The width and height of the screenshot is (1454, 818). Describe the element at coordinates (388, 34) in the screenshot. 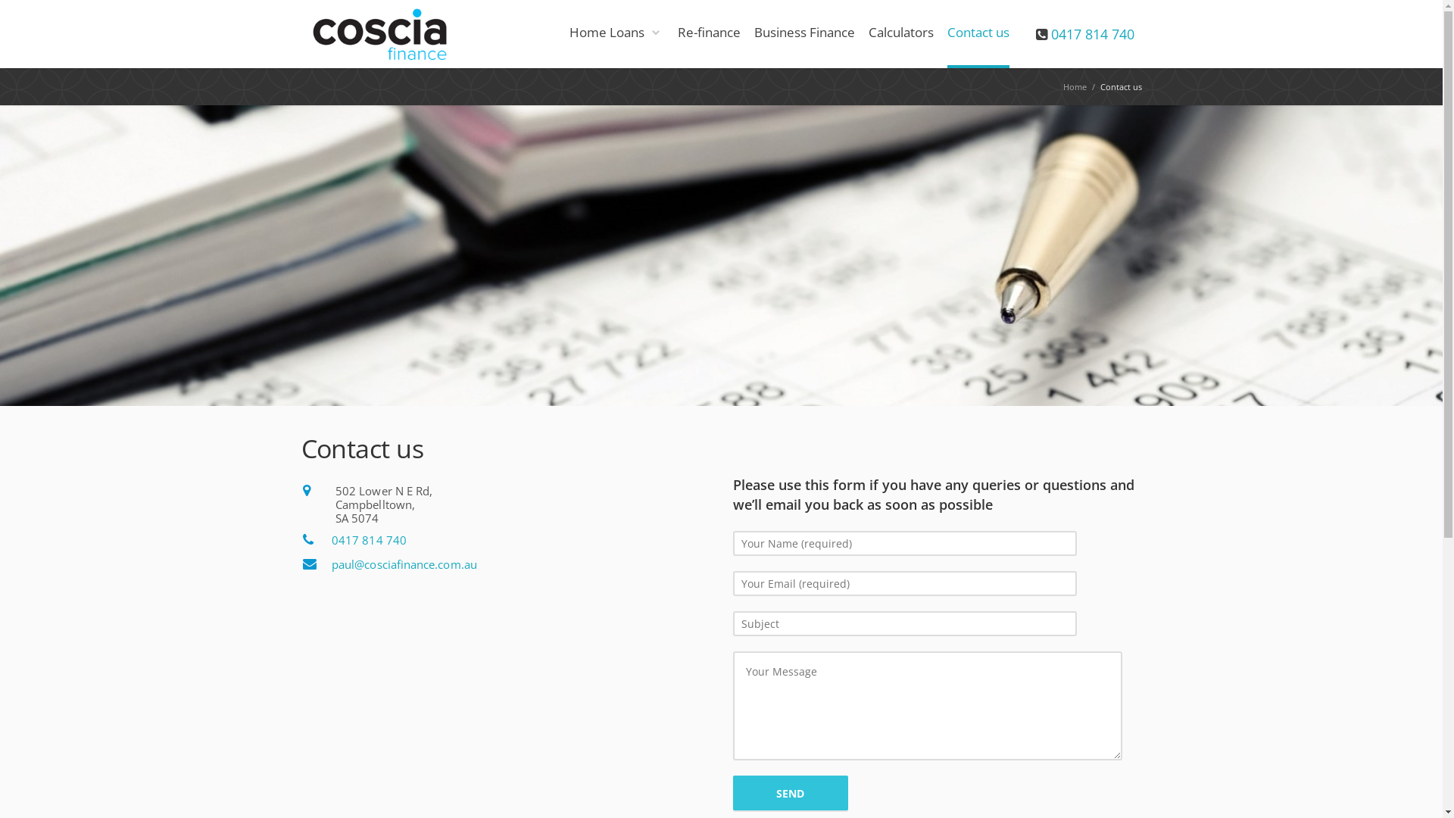

I see `'coscia finance'` at that location.